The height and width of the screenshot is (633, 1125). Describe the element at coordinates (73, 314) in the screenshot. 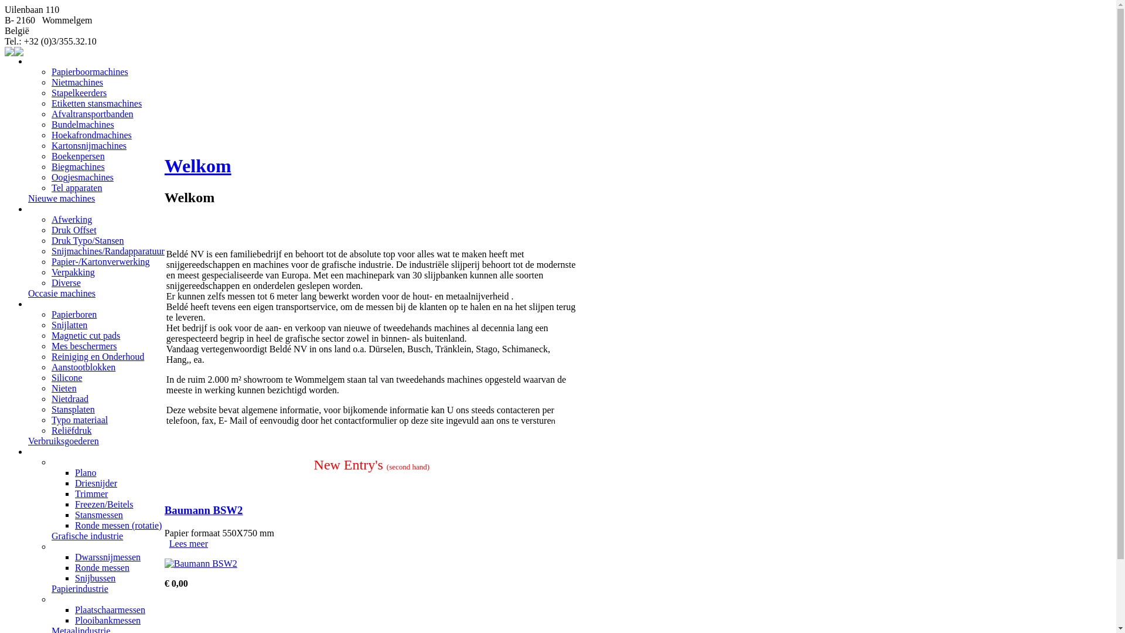

I see `'Papierboren'` at that location.